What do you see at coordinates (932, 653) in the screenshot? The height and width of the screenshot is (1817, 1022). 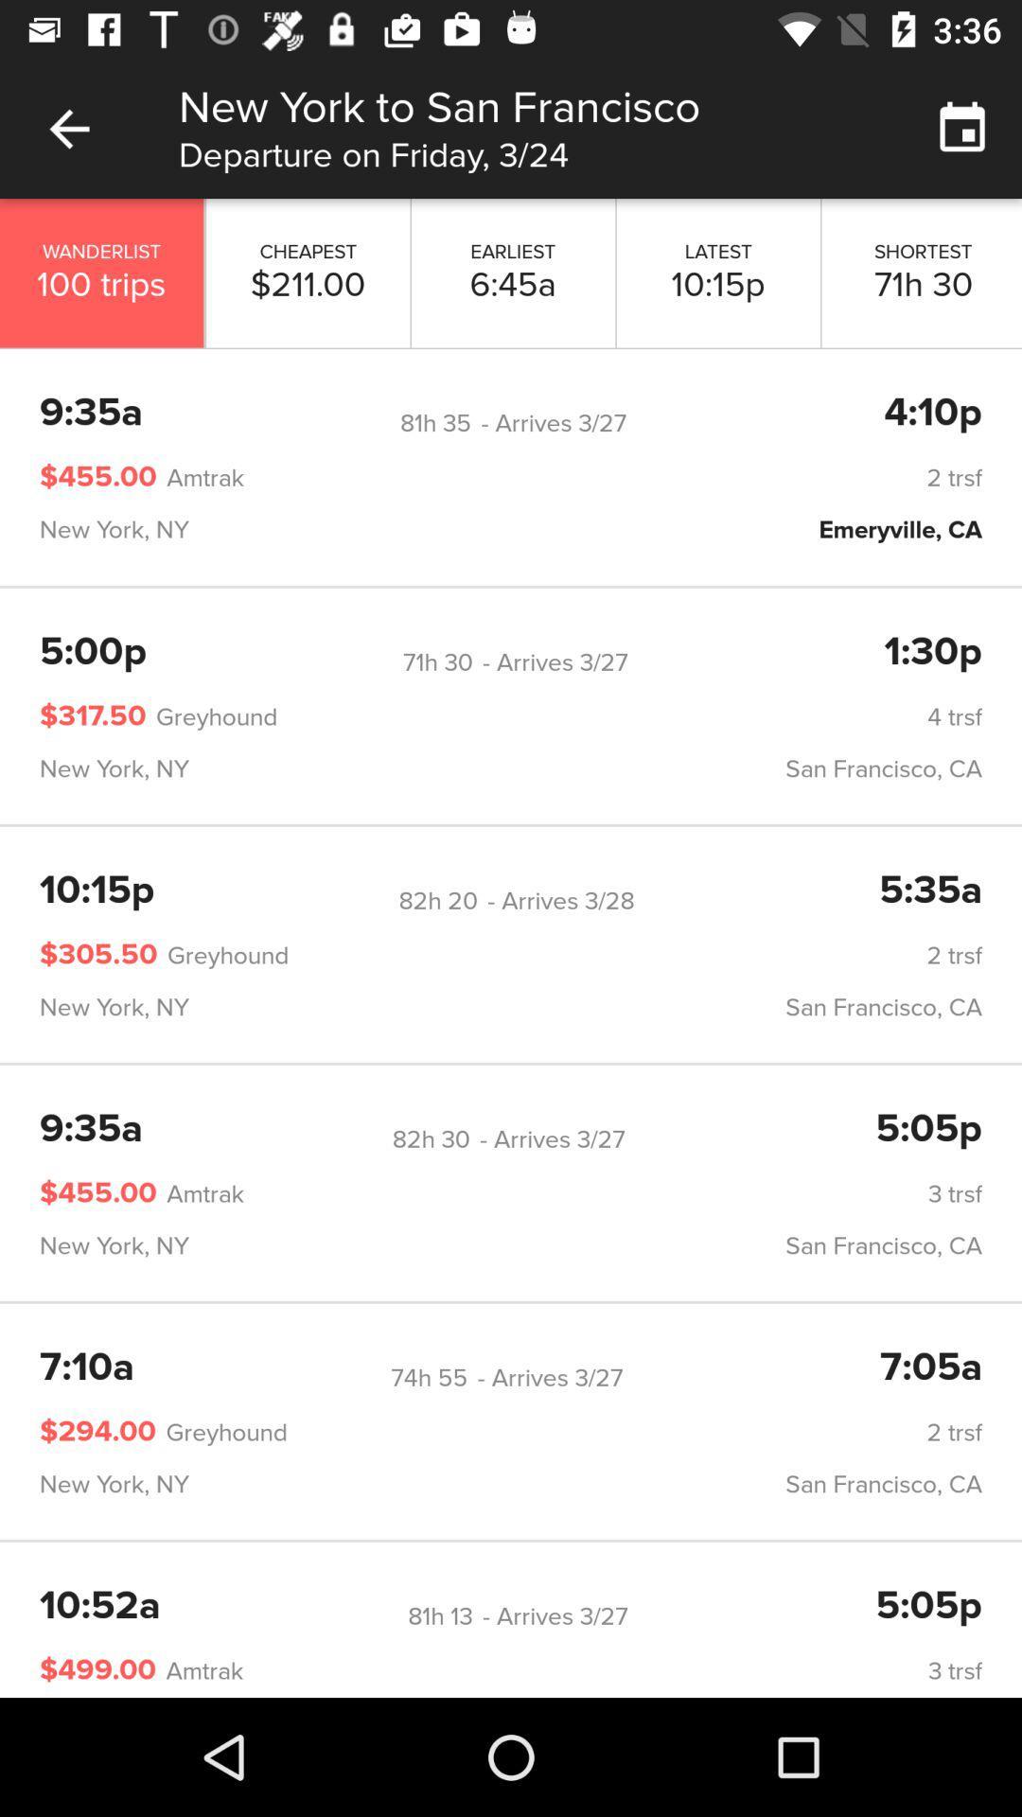 I see `1:30p icon` at bounding box center [932, 653].